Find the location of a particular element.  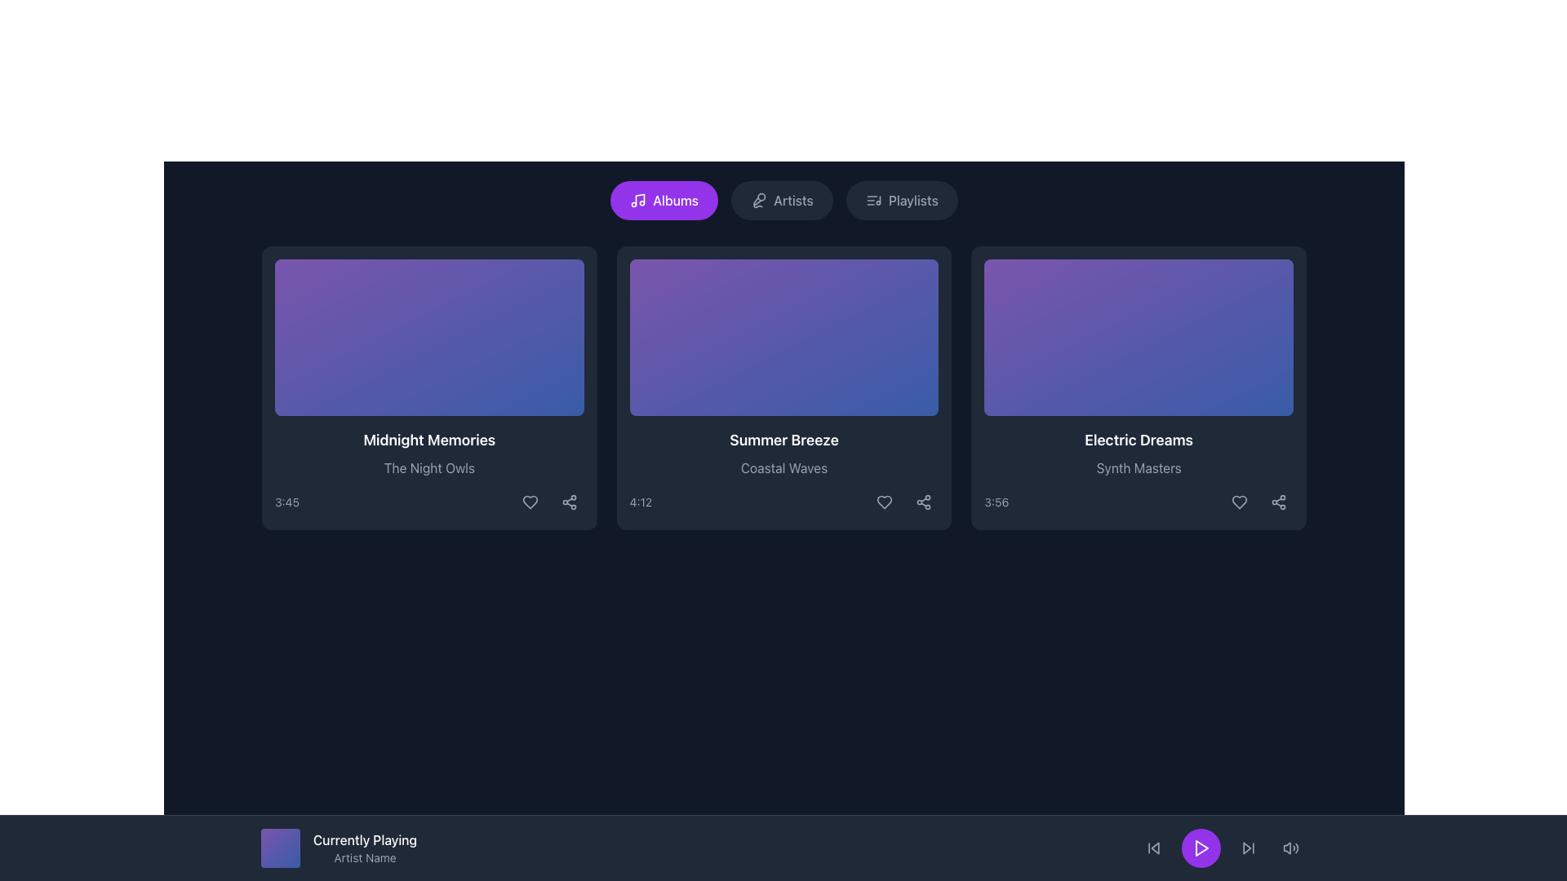

the title text label of the music album located in the second card of the grid layout under the 'Albums' section is located at coordinates (783, 440).